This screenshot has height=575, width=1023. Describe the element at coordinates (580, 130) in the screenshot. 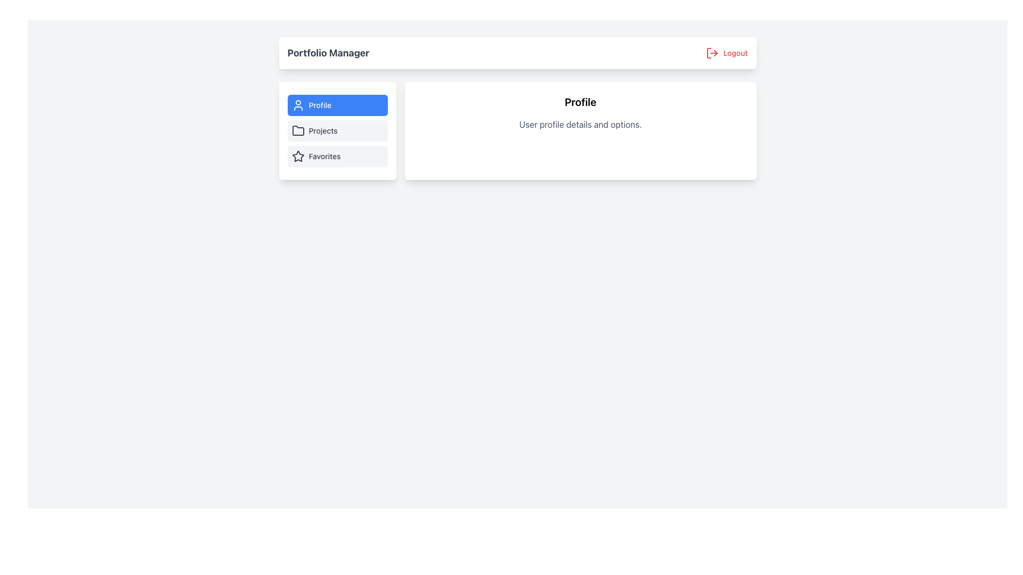

I see `the Information card that serves as a profile summary or details card, located in the main content area of the interface` at that location.